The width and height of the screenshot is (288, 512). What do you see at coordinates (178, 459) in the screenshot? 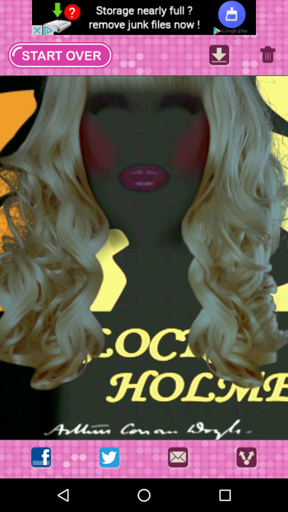
I see `e-mail` at bounding box center [178, 459].